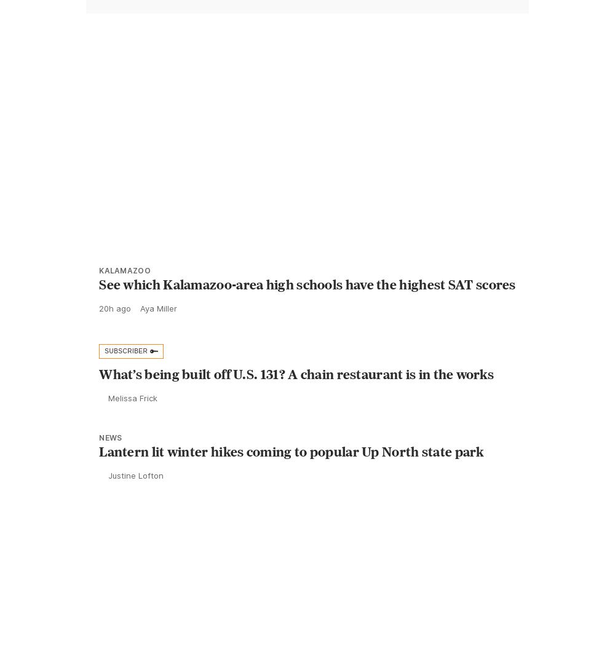  I want to click on 'News', so click(110, 464).